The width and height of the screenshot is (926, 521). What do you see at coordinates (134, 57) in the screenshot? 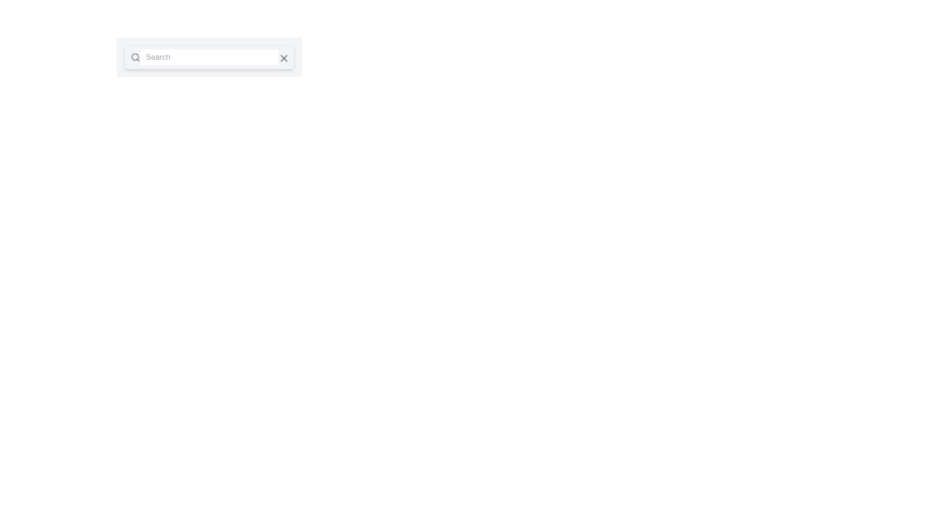
I see `the decorative graphical circle within the SVG element of the search icon, which indicates the adjacent input field for searching` at bounding box center [134, 57].